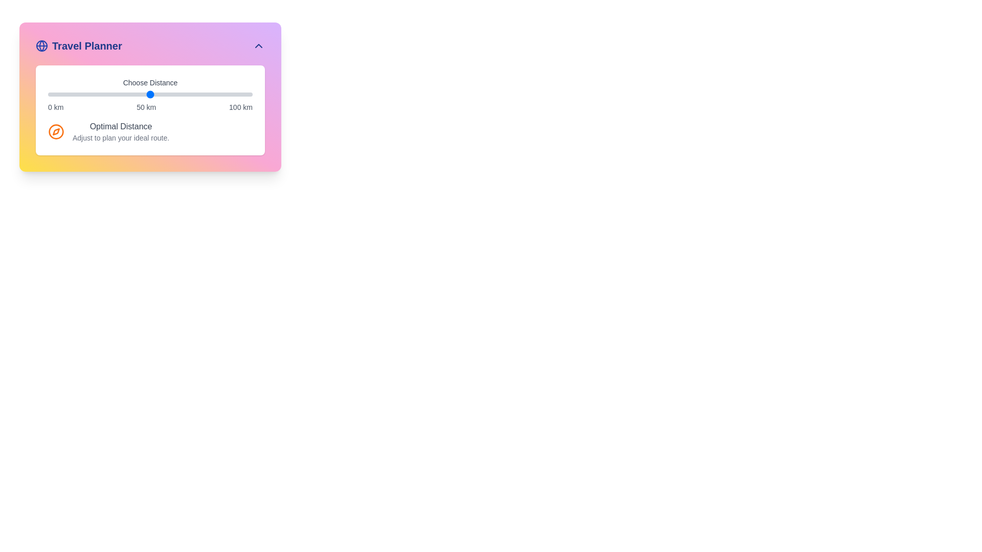  Describe the element at coordinates (56, 131) in the screenshot. I see `the decorative compass-like icon within the 'Travel Planner' card that features orange hues, located at the center of the compass graphic` at that location.